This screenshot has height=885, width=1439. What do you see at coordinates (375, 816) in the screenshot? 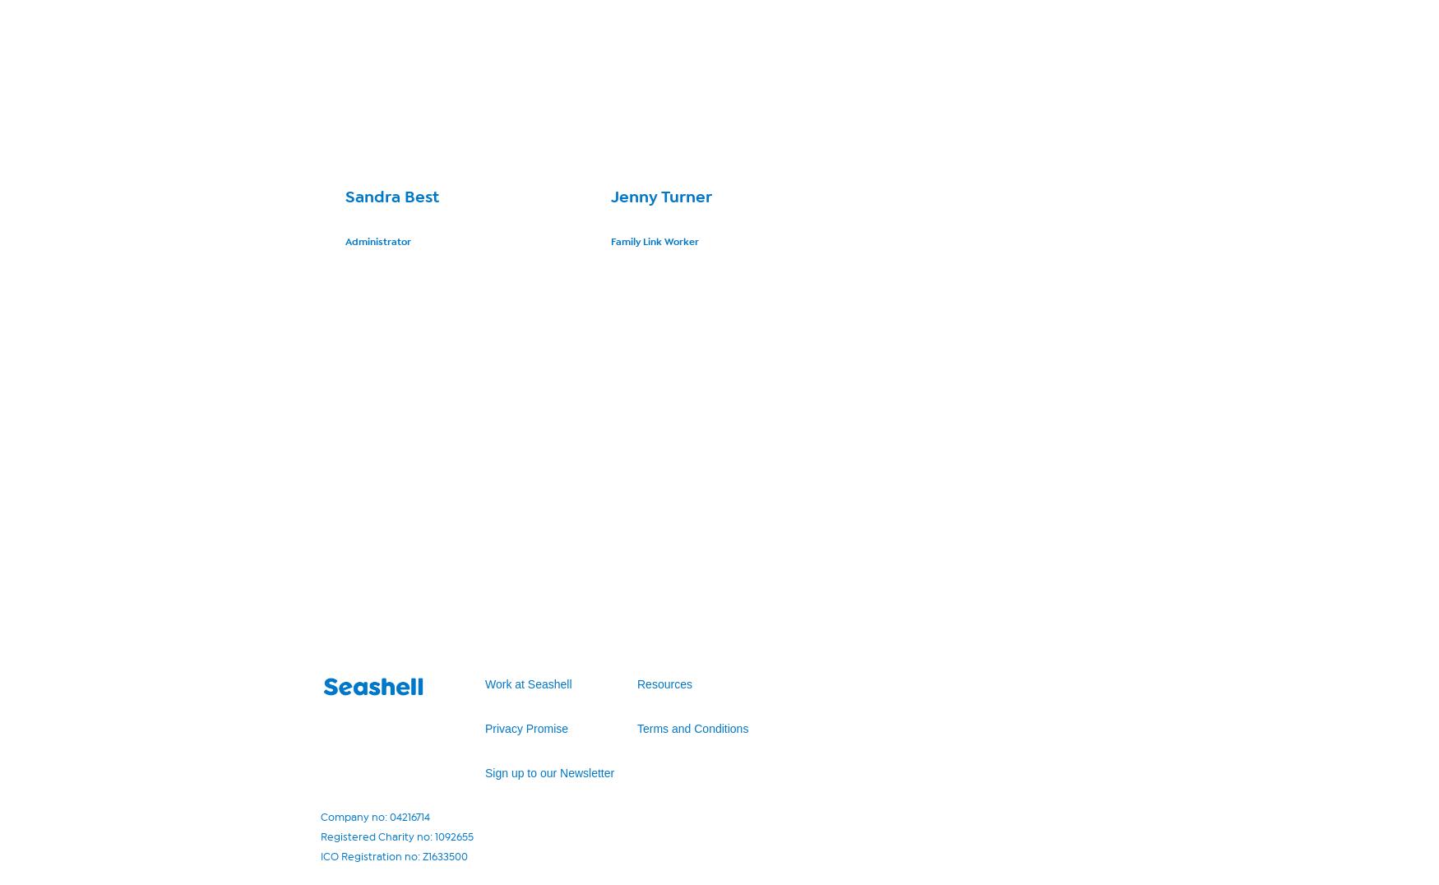
I see `'Company no: 04216714'` at bounding box center [375, 816].